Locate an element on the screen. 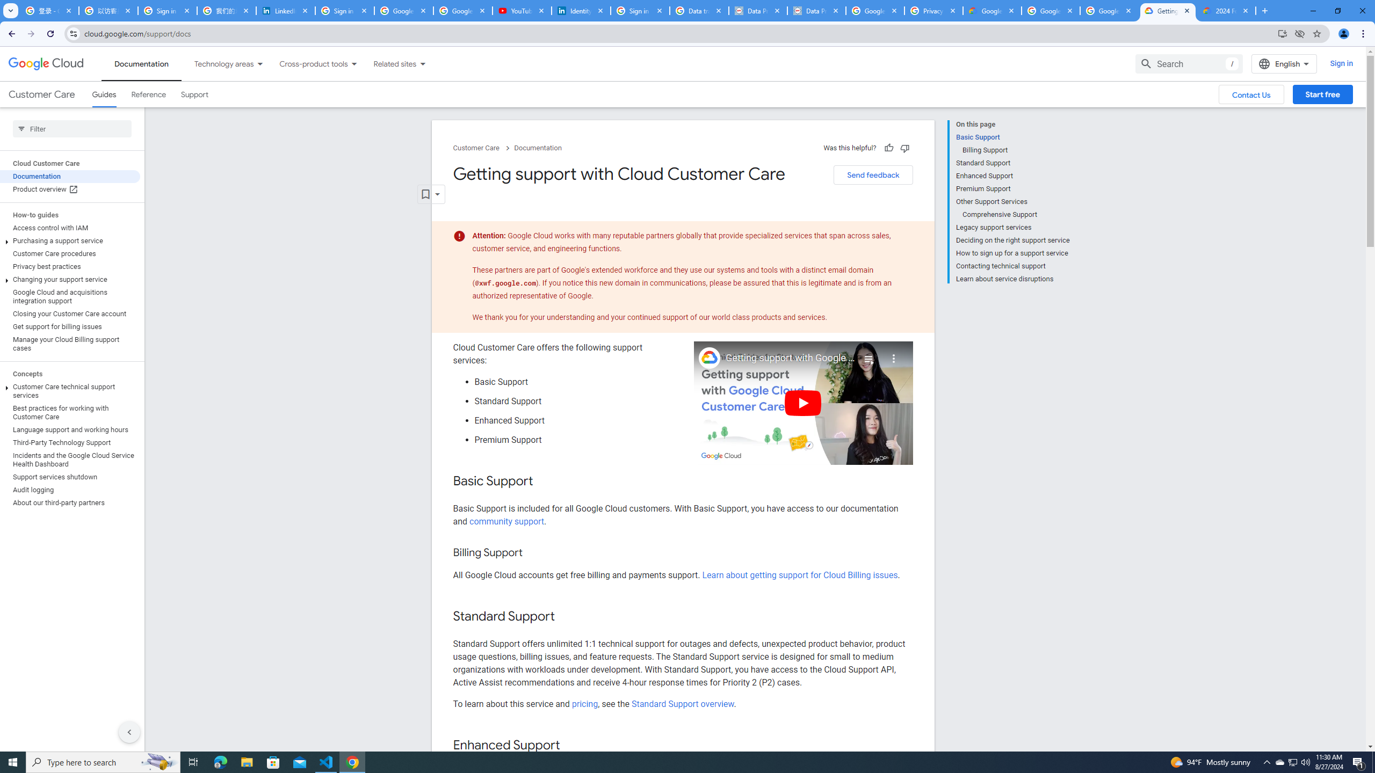  'Learn about getting support for Cloud Billing issues' is located at coordinates (799, 575).